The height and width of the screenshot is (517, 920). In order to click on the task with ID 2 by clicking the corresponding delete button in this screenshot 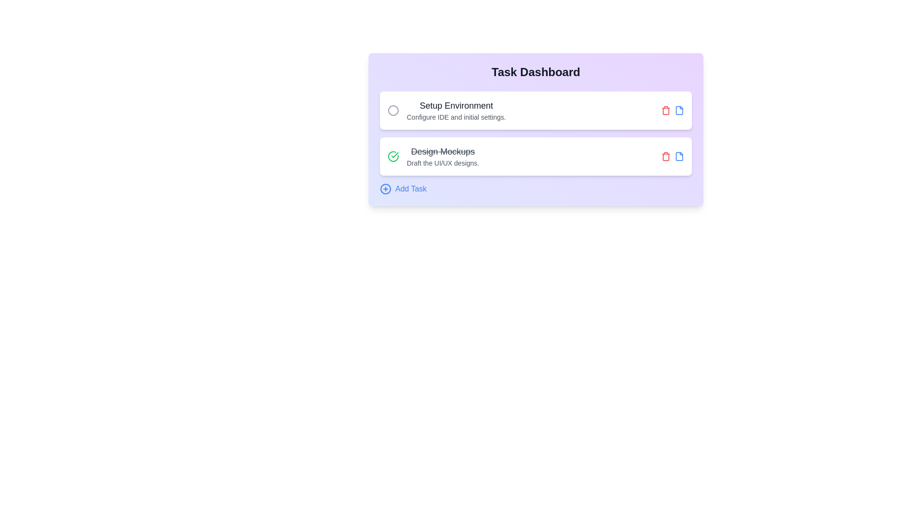, I will do `click(666, 156)`.